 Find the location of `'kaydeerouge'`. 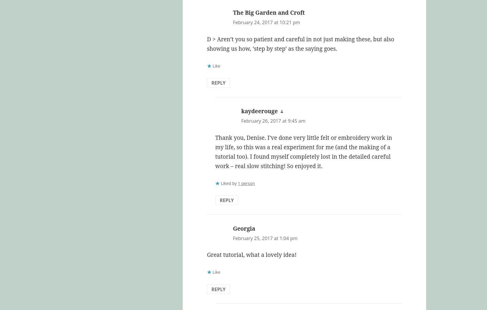

'kaydeerouge' is located at coordinates (259, 111).